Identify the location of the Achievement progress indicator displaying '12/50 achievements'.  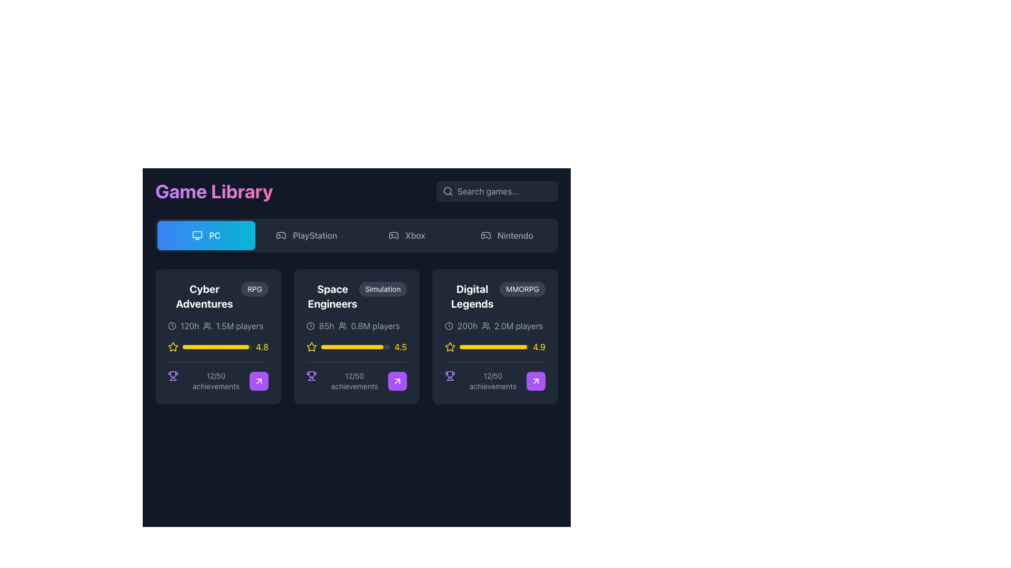
(356, 376).